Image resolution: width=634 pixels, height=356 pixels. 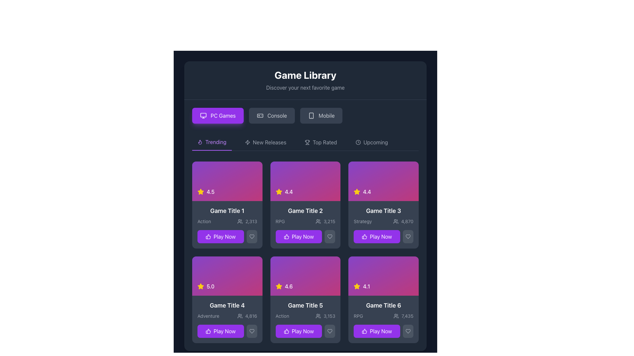 What do you see at coordinates (210, 286) in the screenshot?
I see `text label displaying '5.0' in white color, located next to the yellow star icon in the lower-left corner of the fourth card in the grid` at bounding box center [210, 286].